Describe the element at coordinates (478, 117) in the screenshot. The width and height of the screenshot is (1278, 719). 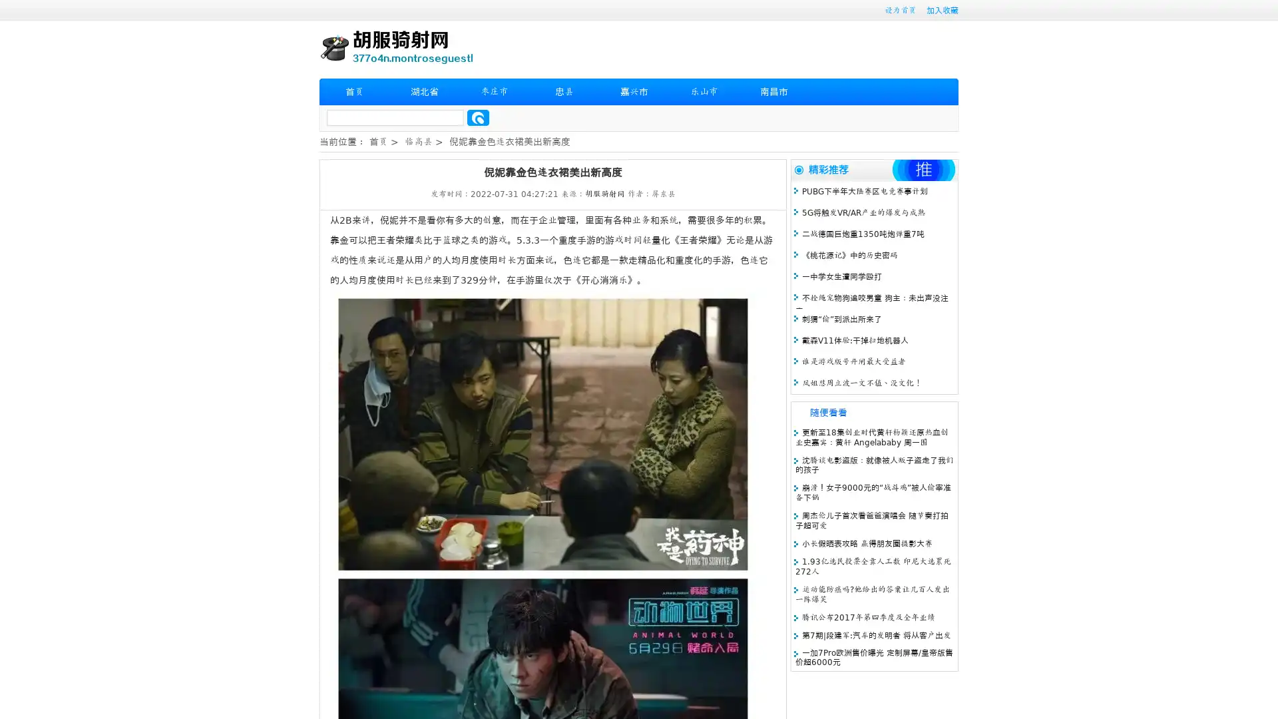
I see `Search` at that location.